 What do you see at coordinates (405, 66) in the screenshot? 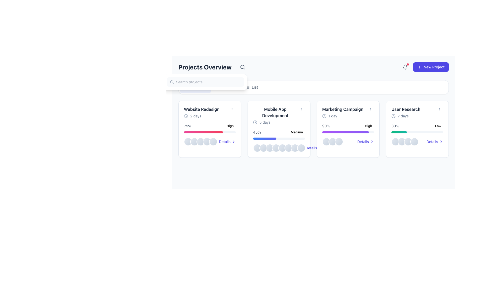
I see `the notification bell icon located in the top toolbar` at bounding box center [405, 66].